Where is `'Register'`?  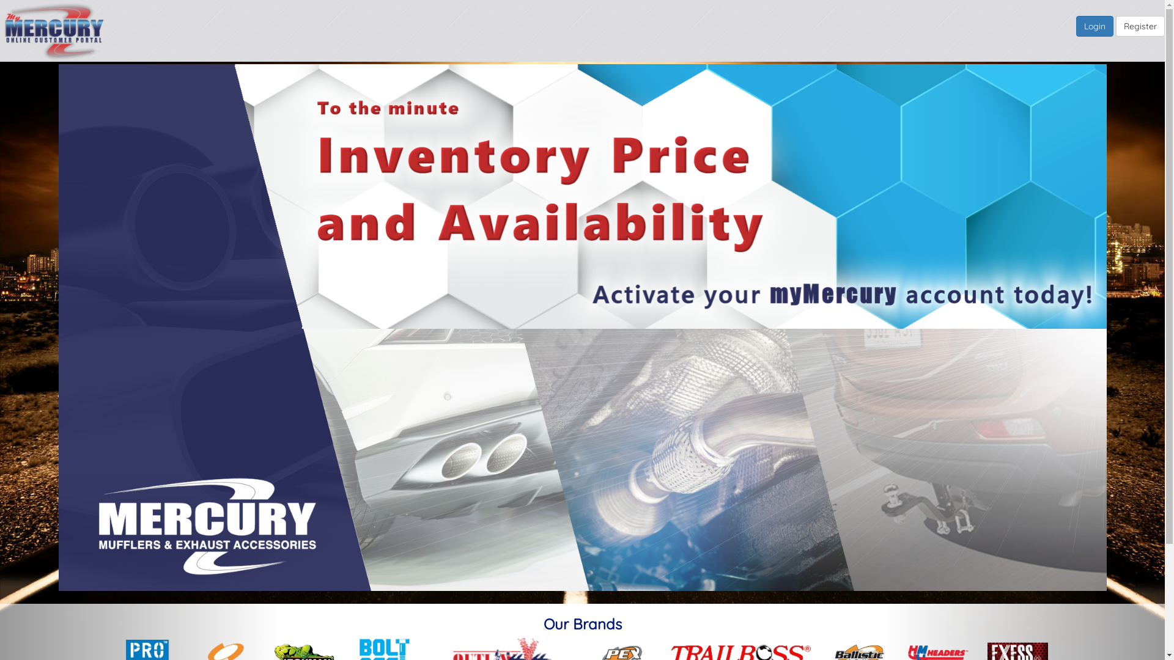
'Register' is located at coordinates (1115, 26).